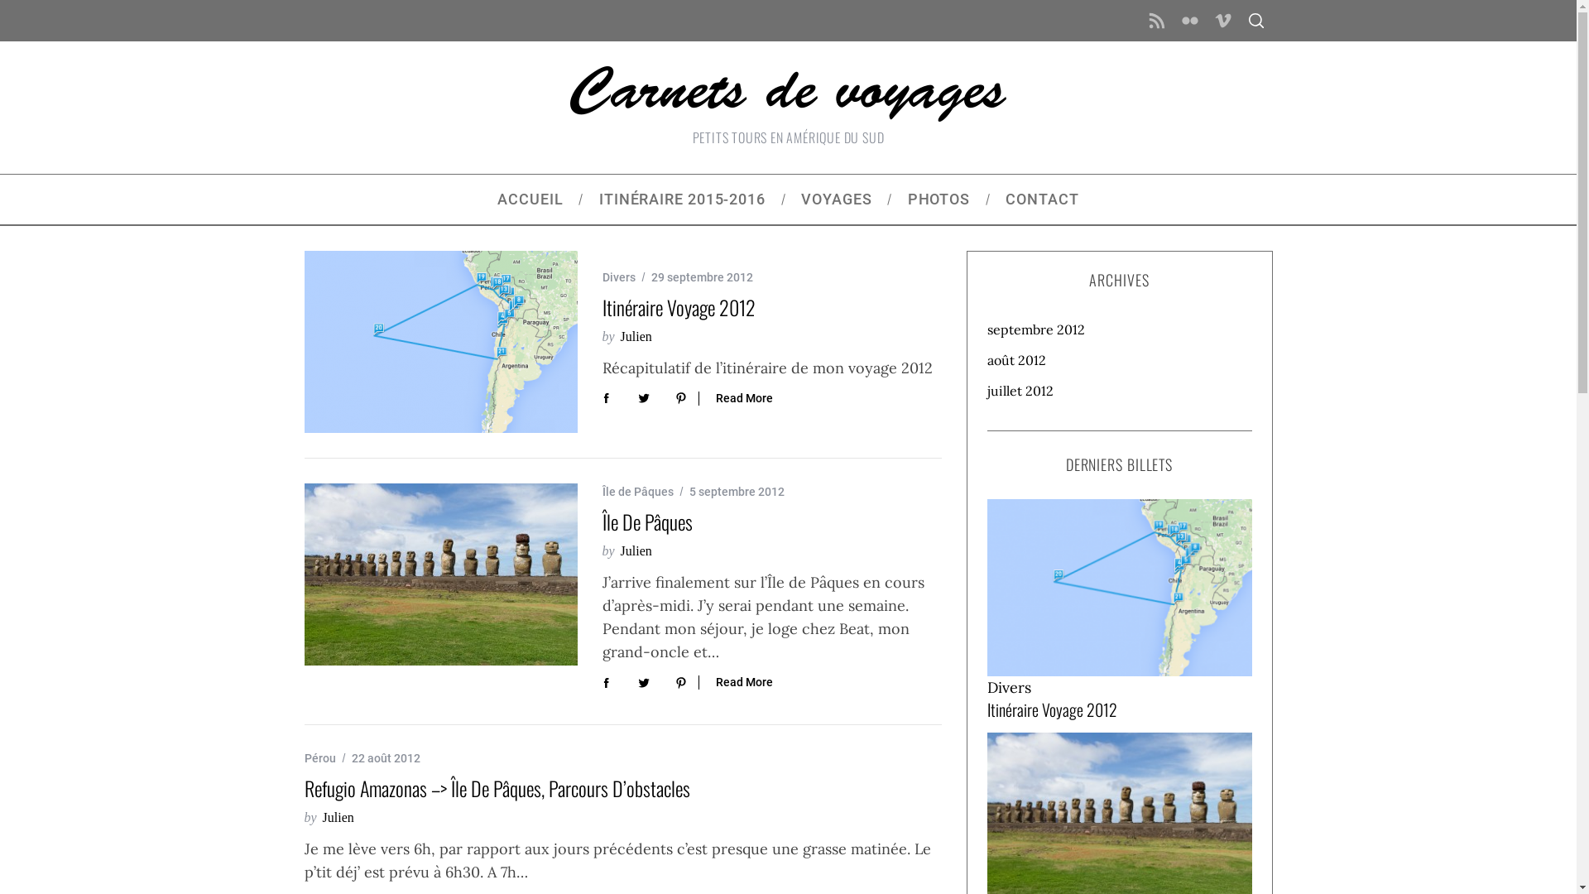  I want to click on 'juillet 2012', so click(1119, 390).